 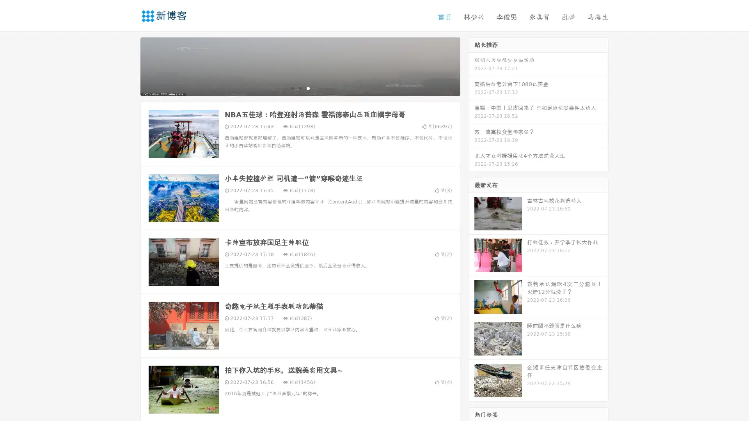 What do you see at coordinates (471, 65) in the screenshot?
I see `Next slide` at bounding box center [471, 65].